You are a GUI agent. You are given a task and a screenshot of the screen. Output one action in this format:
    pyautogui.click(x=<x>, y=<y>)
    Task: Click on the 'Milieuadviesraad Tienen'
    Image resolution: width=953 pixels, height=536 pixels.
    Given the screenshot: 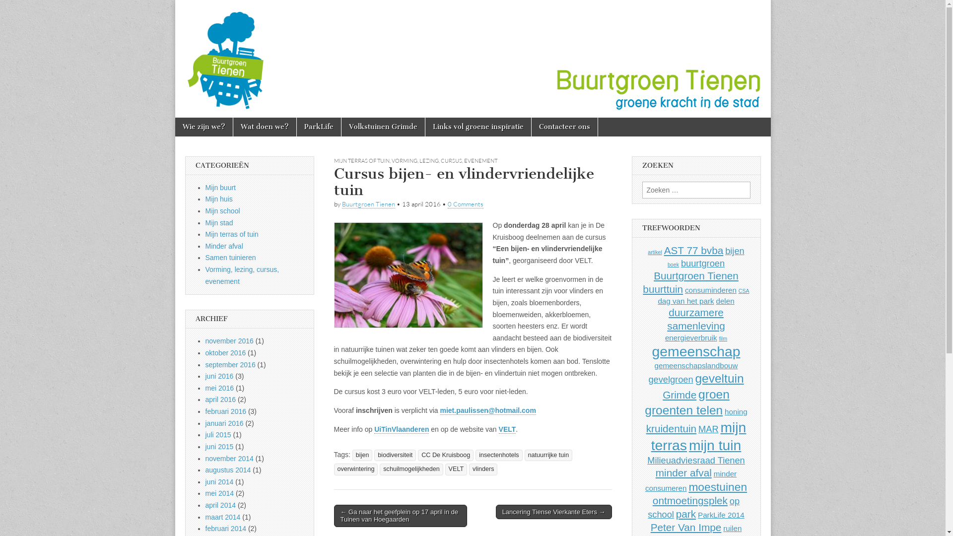 What is the action you would take?
    pyautogui.click(x=695, y=460)
    